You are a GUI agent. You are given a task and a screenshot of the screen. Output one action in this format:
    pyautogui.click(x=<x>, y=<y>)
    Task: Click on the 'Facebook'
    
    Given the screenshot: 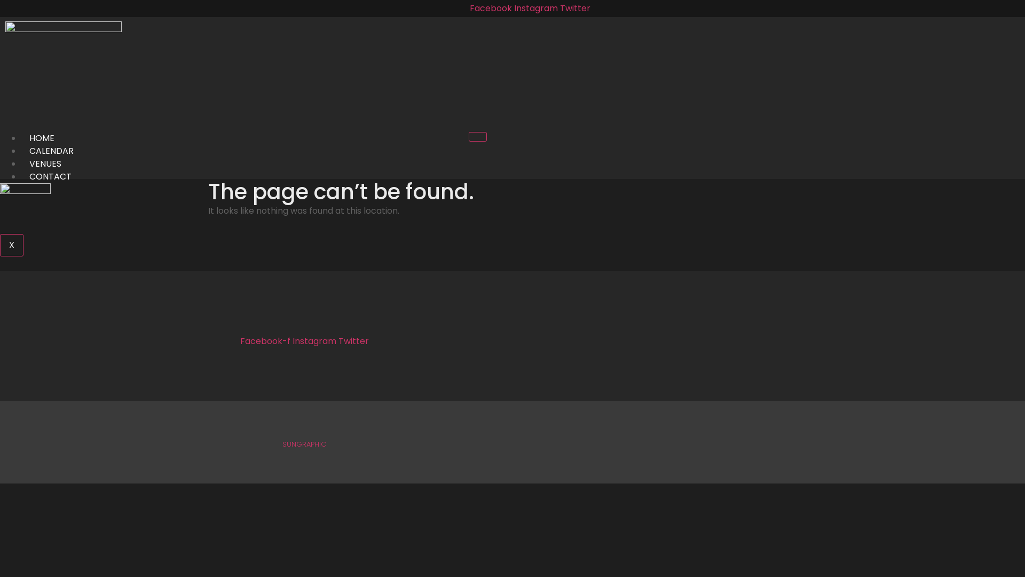 What is the action you would take?
    pyautogui.click(x=491, y=8)
    